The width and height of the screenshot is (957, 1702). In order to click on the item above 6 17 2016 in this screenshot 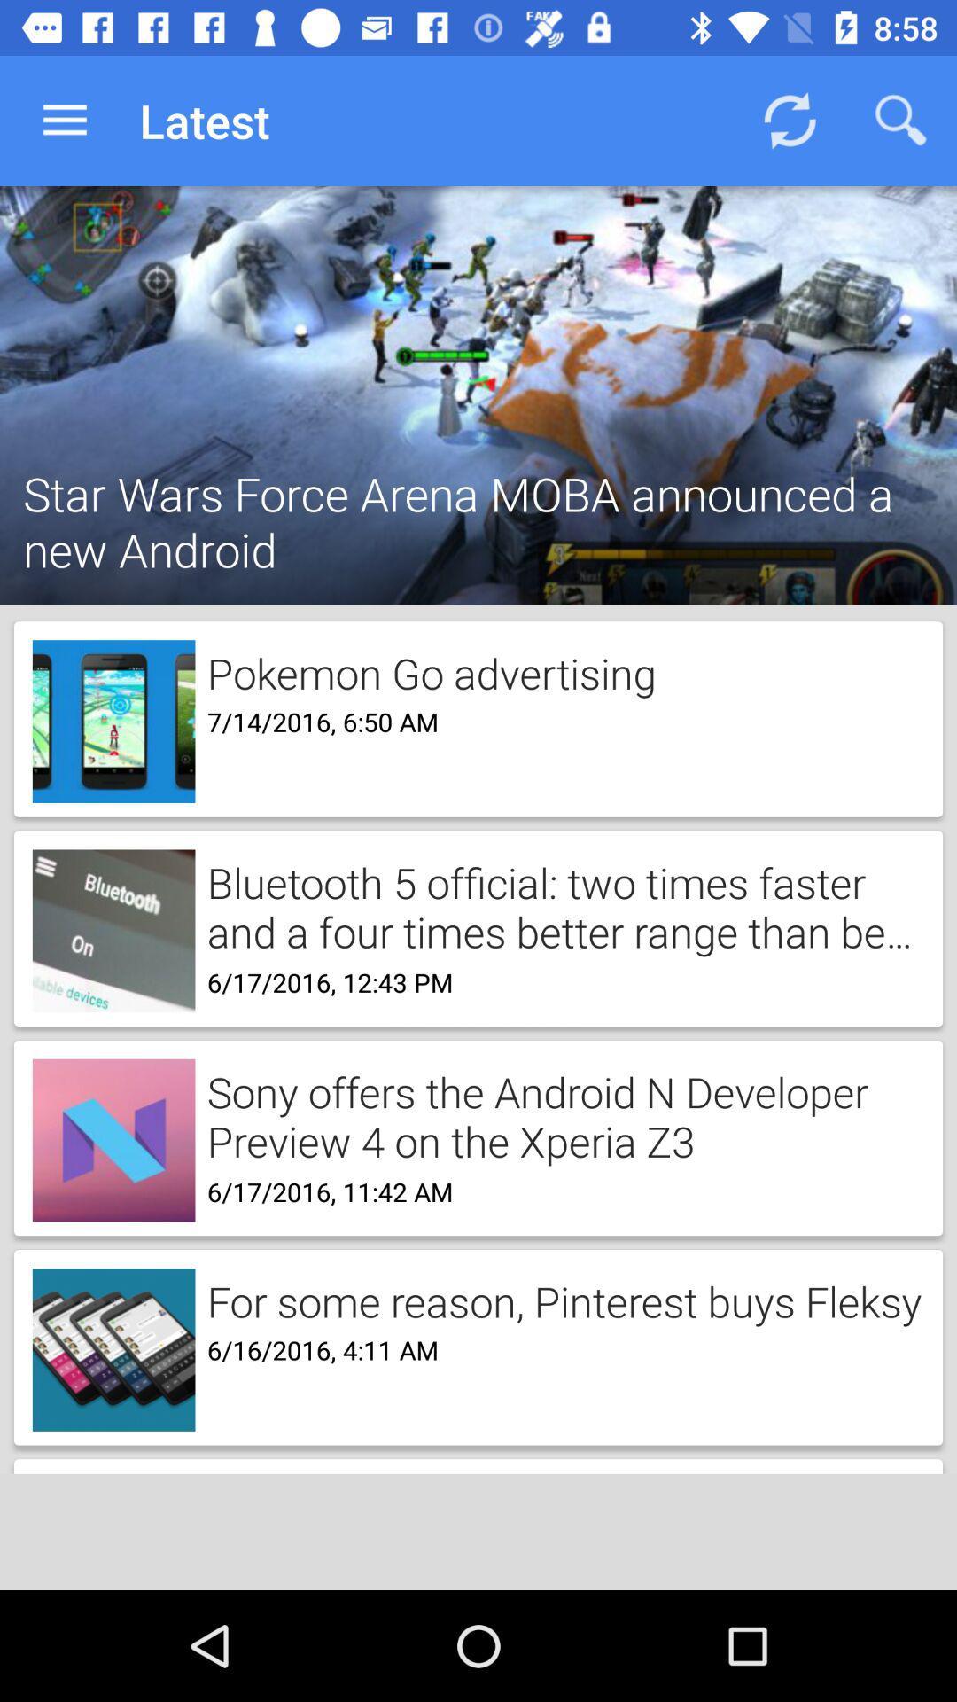, I will do `click(559, 1114)`.